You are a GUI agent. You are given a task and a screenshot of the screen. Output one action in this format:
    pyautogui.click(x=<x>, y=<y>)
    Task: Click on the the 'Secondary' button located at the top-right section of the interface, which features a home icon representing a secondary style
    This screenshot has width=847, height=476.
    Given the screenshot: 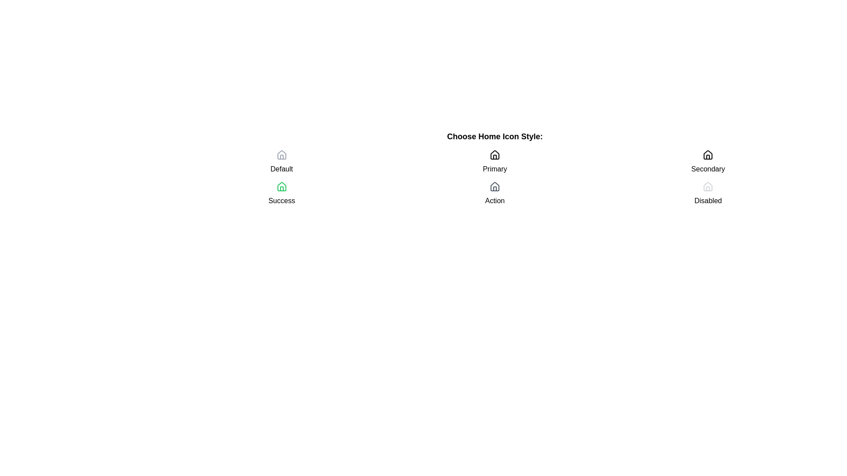 What is the action you would take?
    pyautogui.click(x=708, y=154)
    